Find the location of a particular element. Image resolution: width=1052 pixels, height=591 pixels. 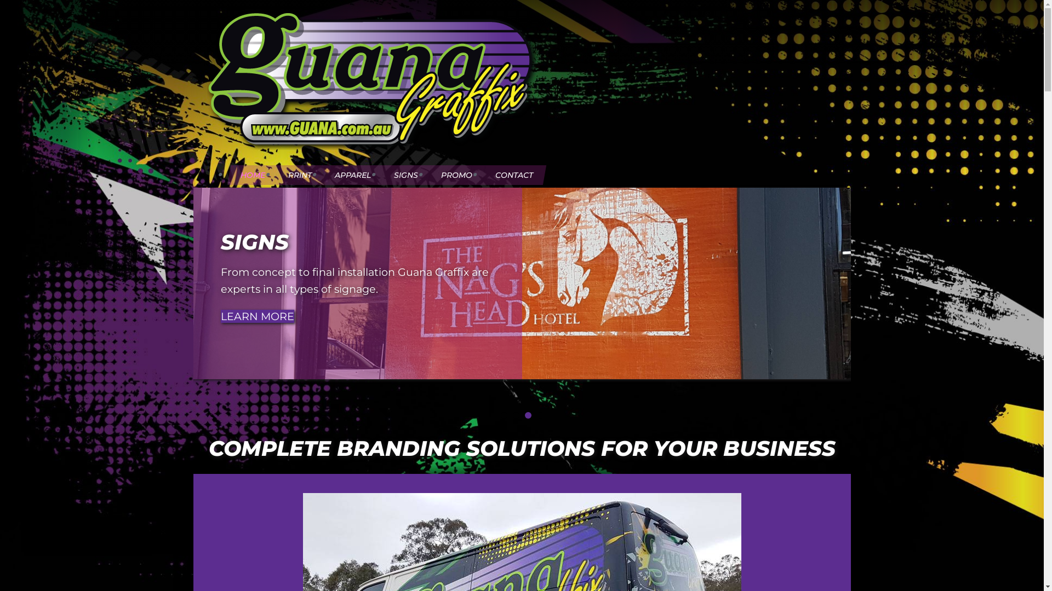

'APPAREL' is located at coordinates (352, 175).